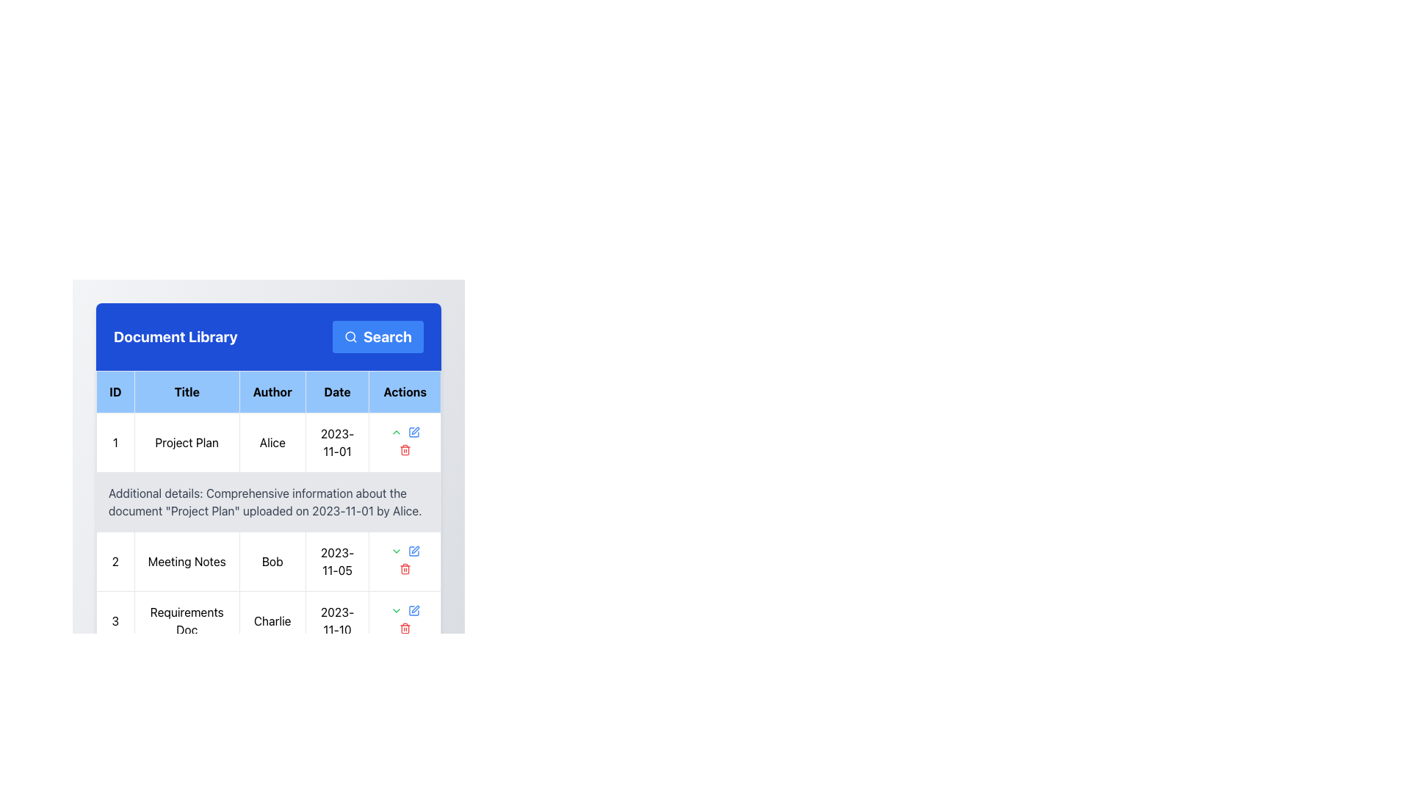  I want to click on the editing button represented by a pen-like icon in the 'Actions' column of the table for the document 'Meeting Notes' by 'Bob' dated '2023-11-05', so click(414, 549).